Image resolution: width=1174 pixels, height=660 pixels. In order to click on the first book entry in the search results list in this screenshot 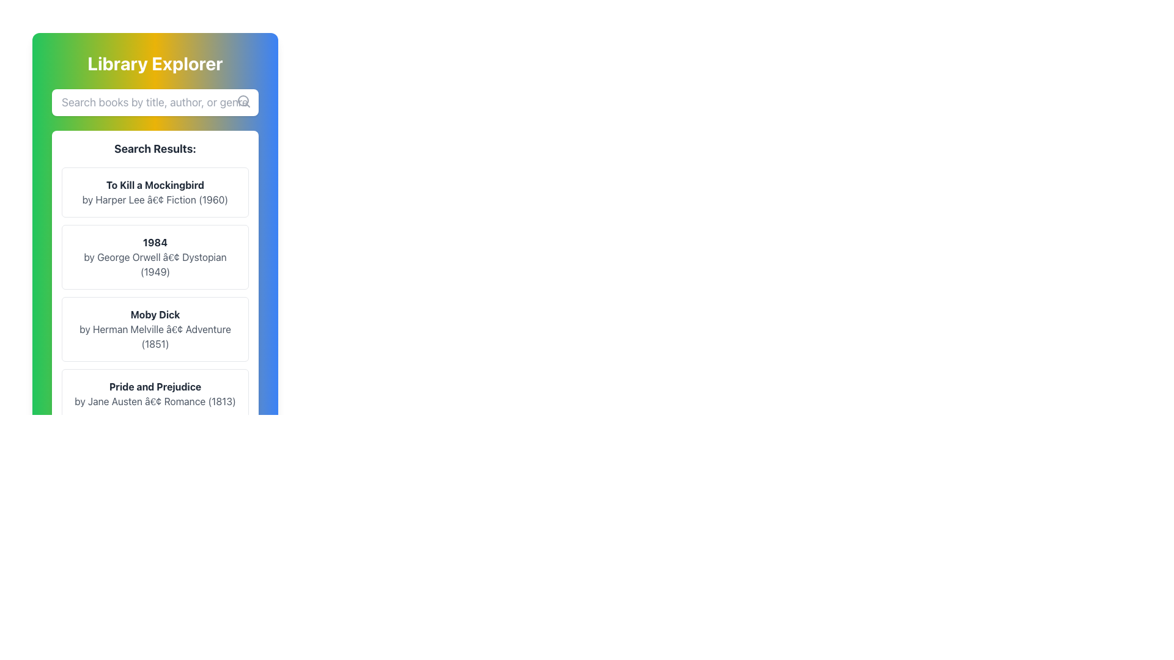, I will do `click(155, 193)`.